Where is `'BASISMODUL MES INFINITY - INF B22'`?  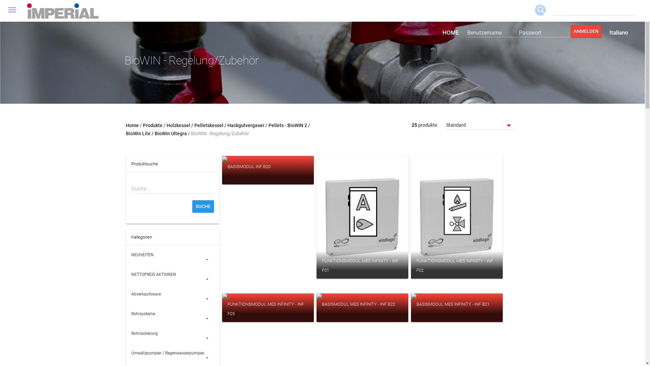 'BASISMODUL MES INFINITY - INF B22' is located at coordinates (362, 308).